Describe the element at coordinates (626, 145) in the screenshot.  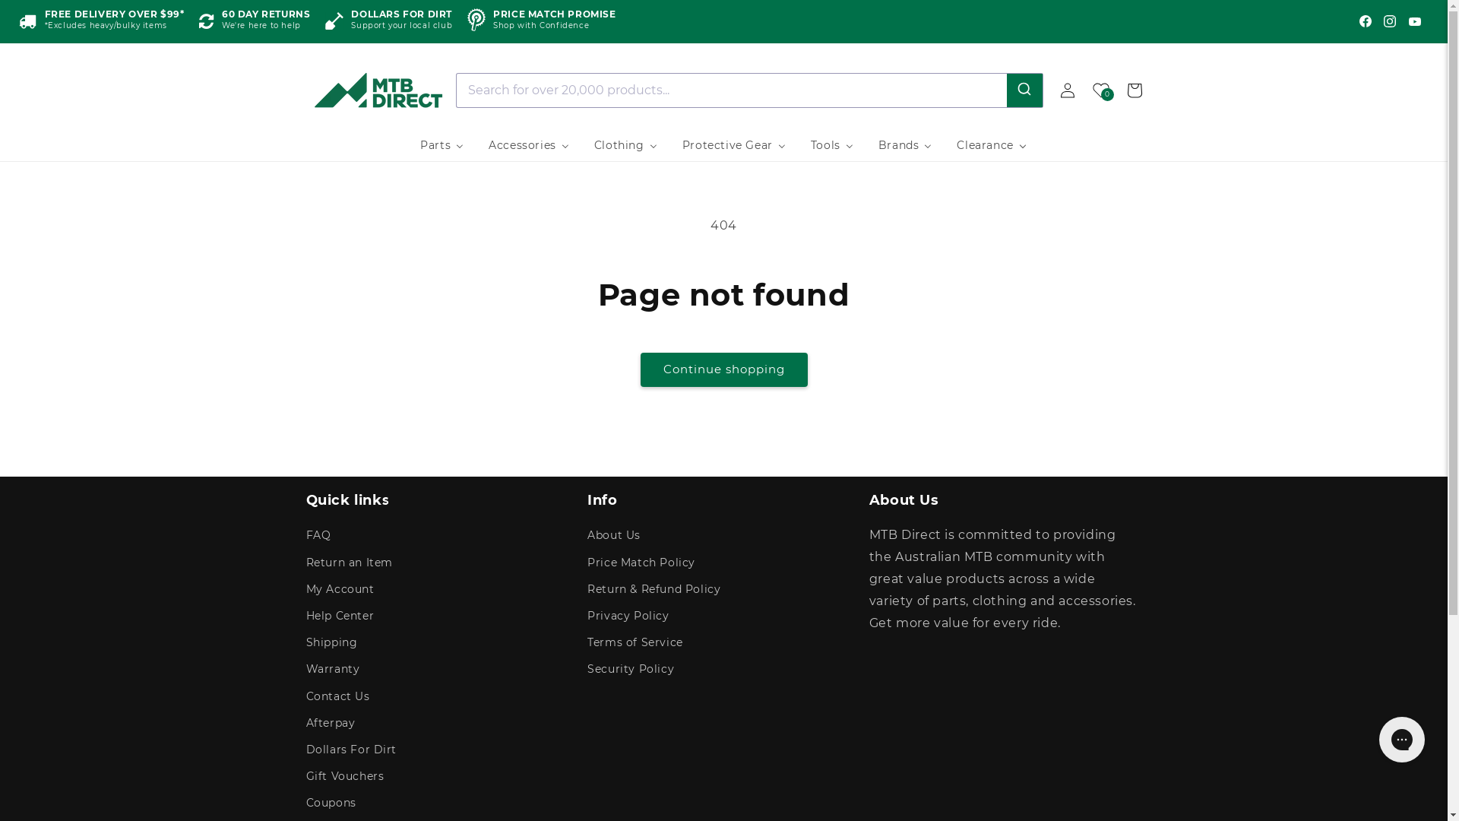
I see `'Clothing'` at that location.